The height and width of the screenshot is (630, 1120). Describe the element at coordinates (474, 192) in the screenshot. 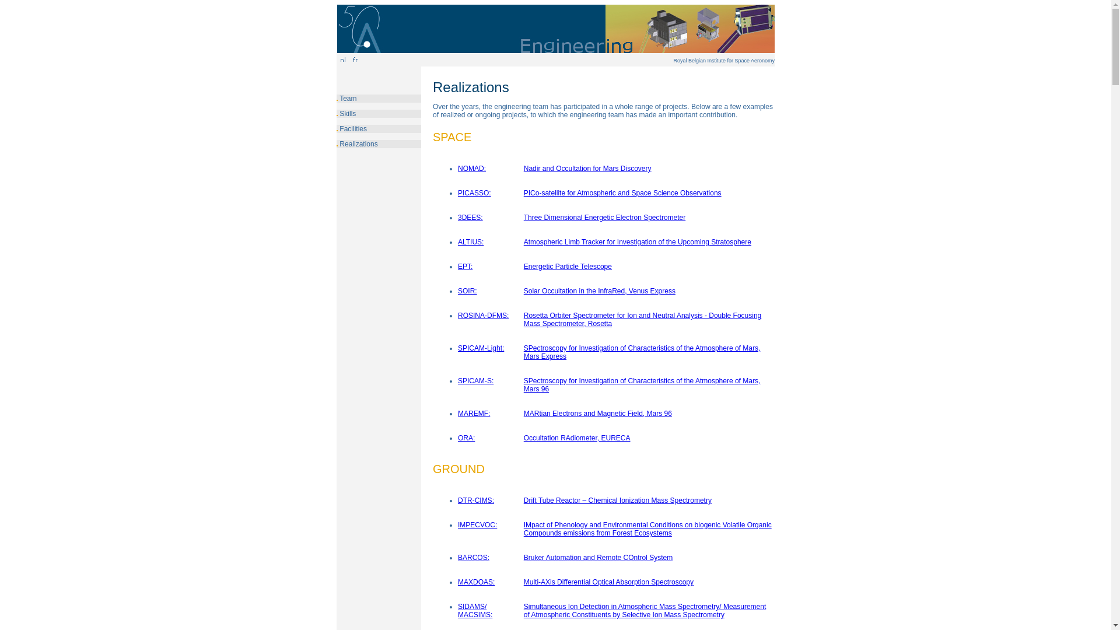

I see `'PICASSO:'` at that location.